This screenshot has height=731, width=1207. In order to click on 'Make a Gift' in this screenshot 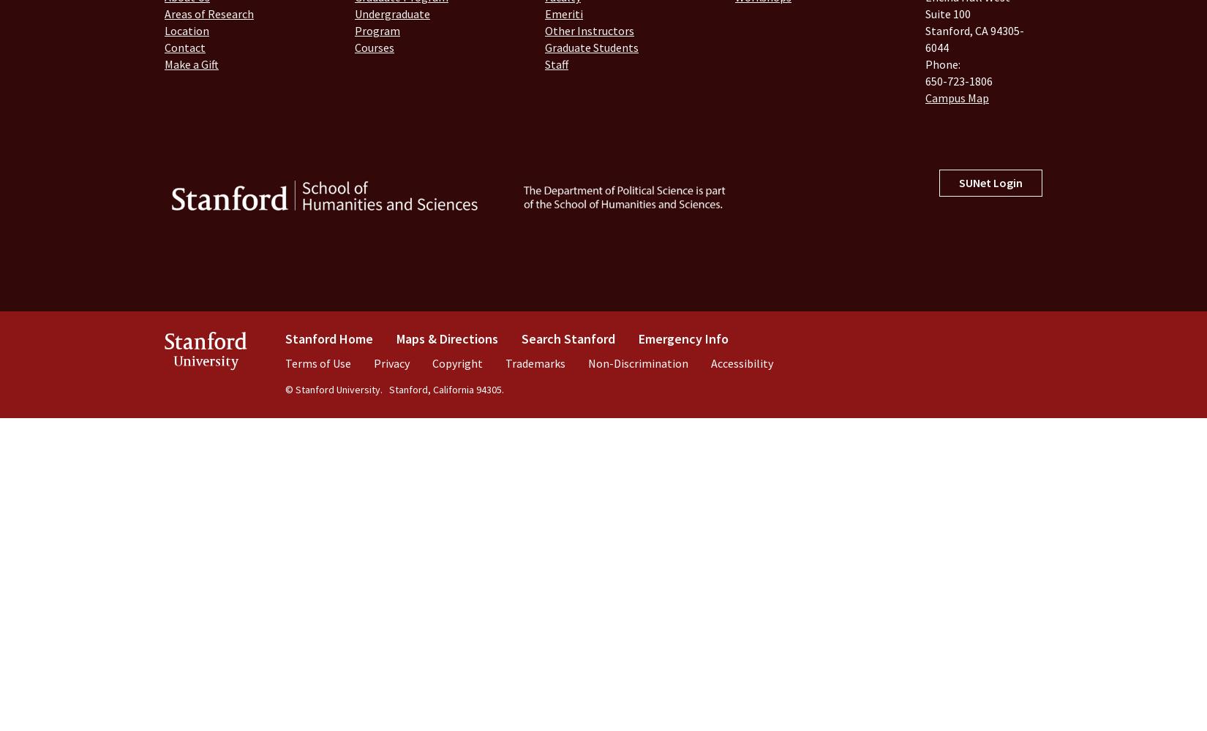, I will do `click(192, 63)`.